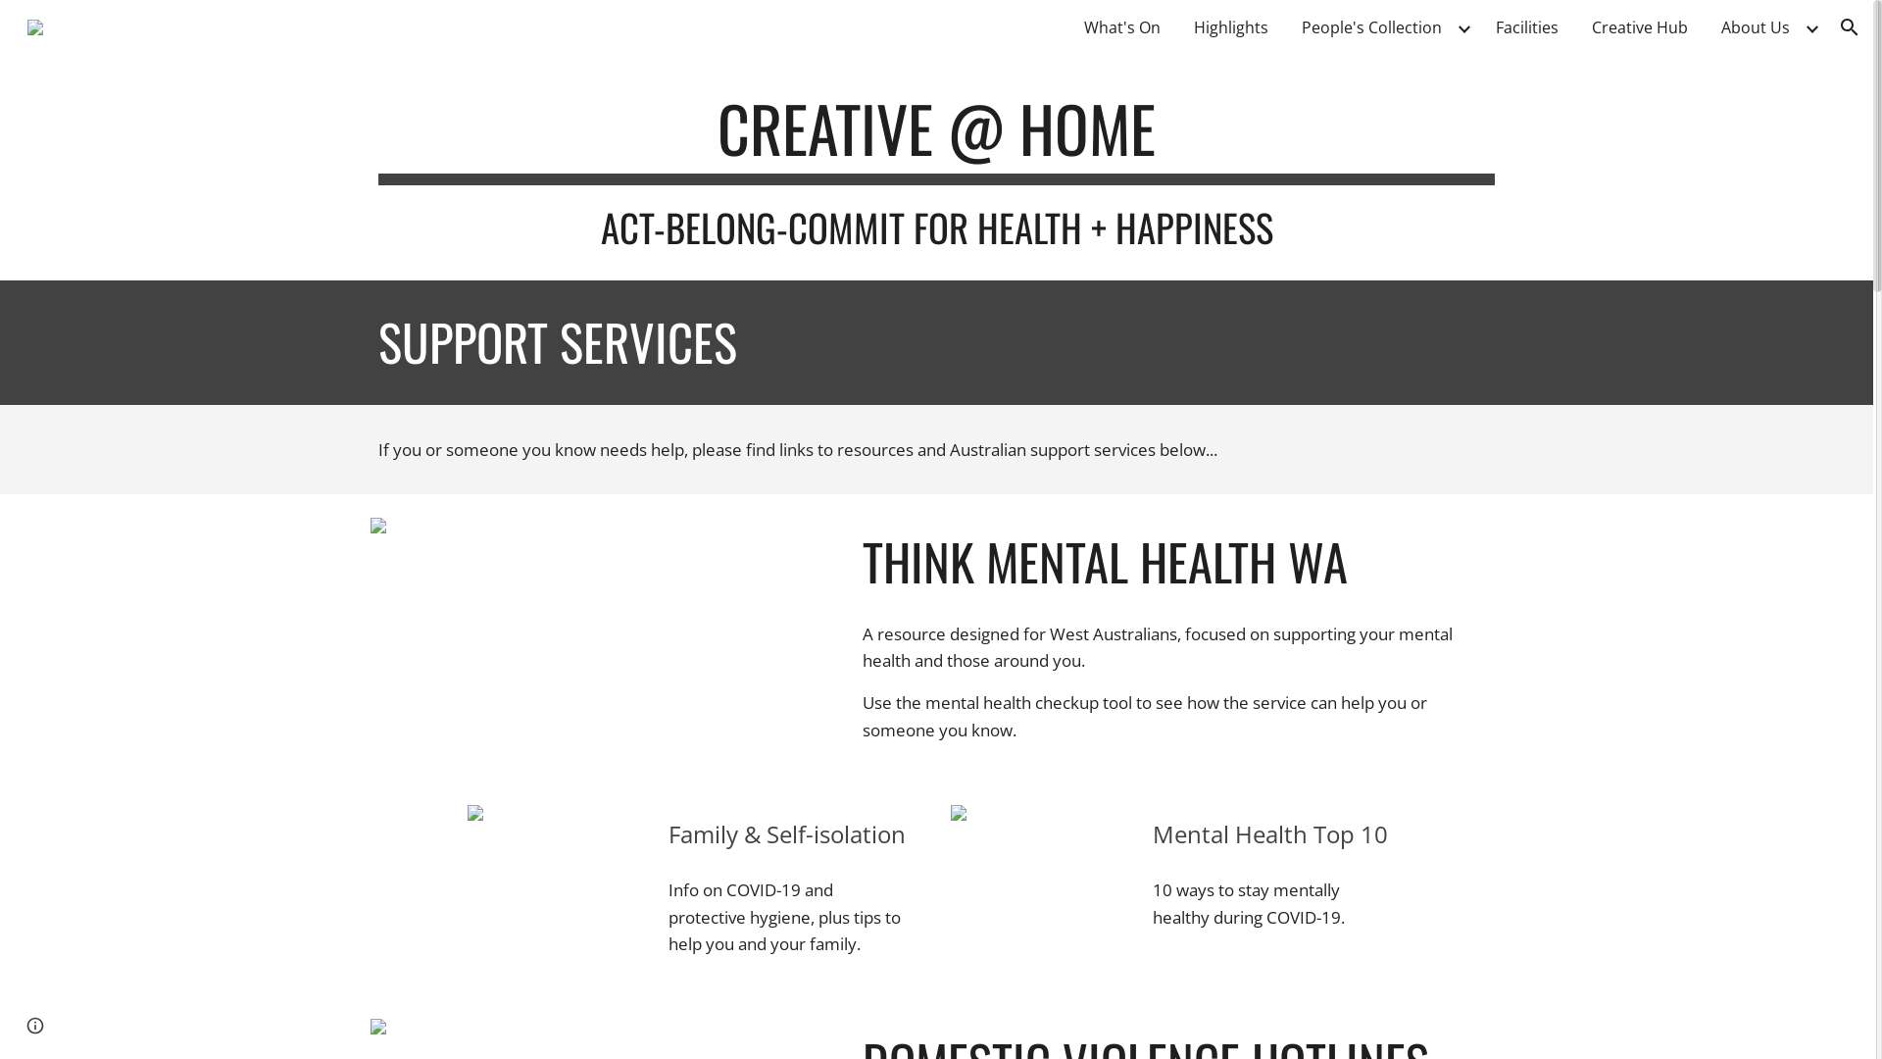 The height and width of the screenshot is (1059, 1882). I want to click on 'About Us', so click(1755, 26).